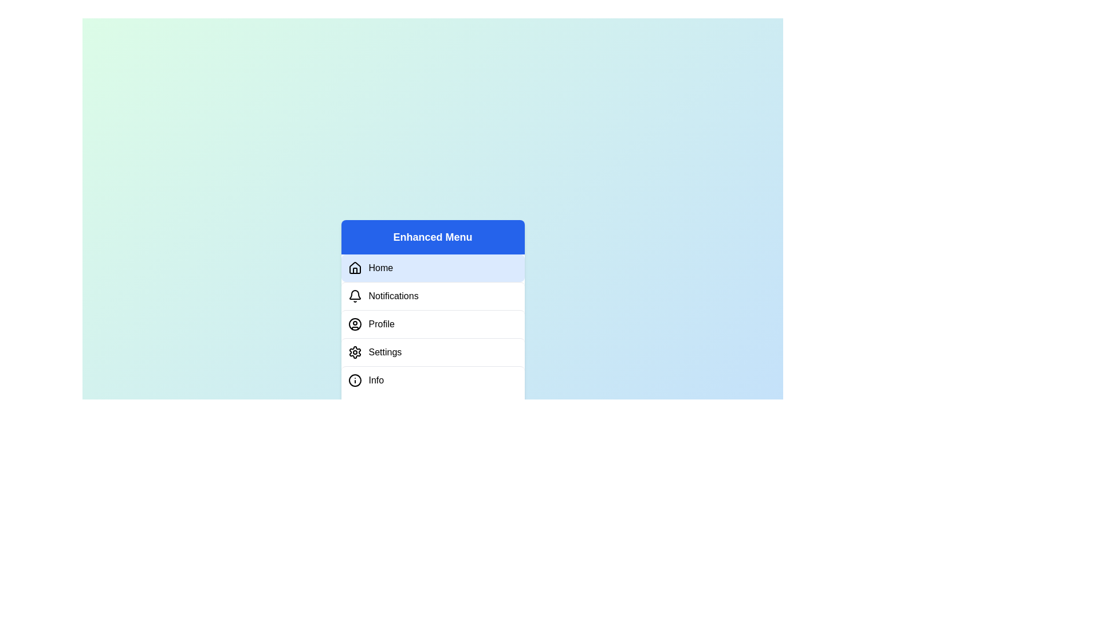 The width and height of the screenshot is (1100, 619). What do you see at coordinates (432, 324) in the screenshot?
I see `the menu tab Profile` at bounding box center [432, 324].